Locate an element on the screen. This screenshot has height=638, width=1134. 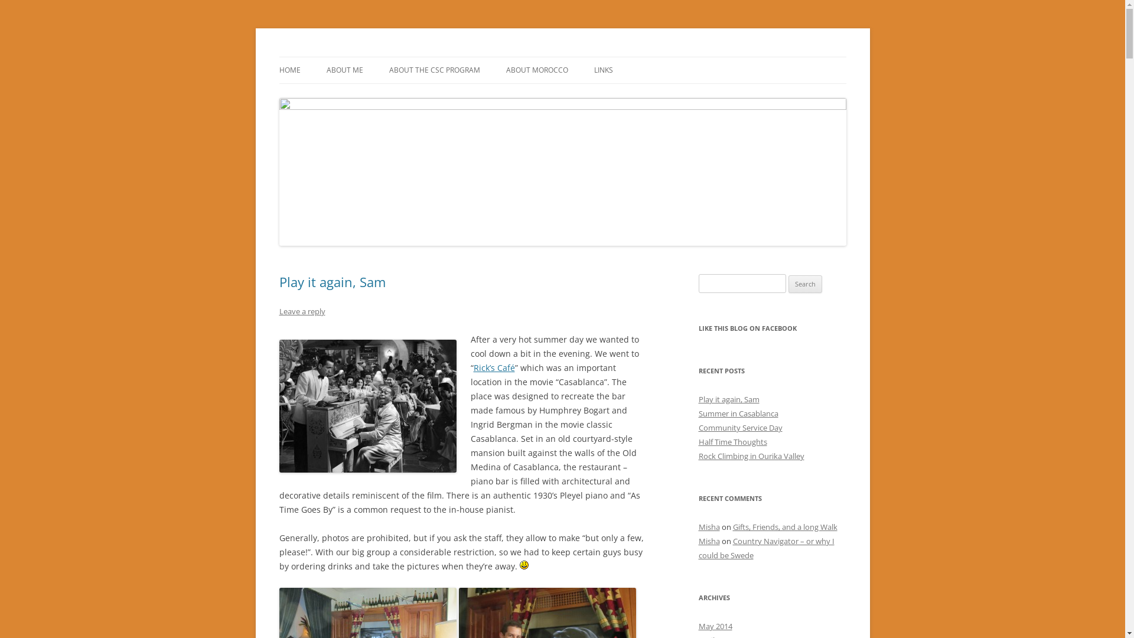
'Leave a reply' is located at coordinates (301, 311).